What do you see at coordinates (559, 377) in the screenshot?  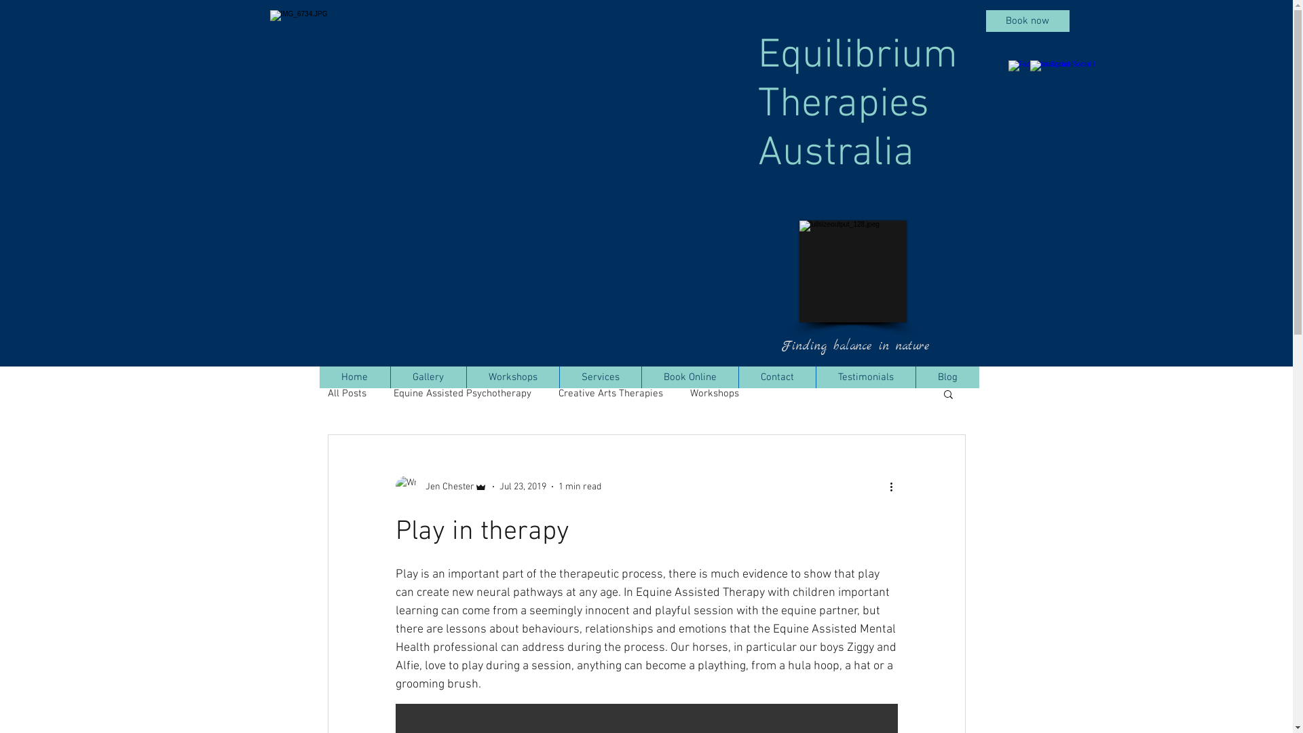 I see `'Services'` at bounding box center [559, 377].